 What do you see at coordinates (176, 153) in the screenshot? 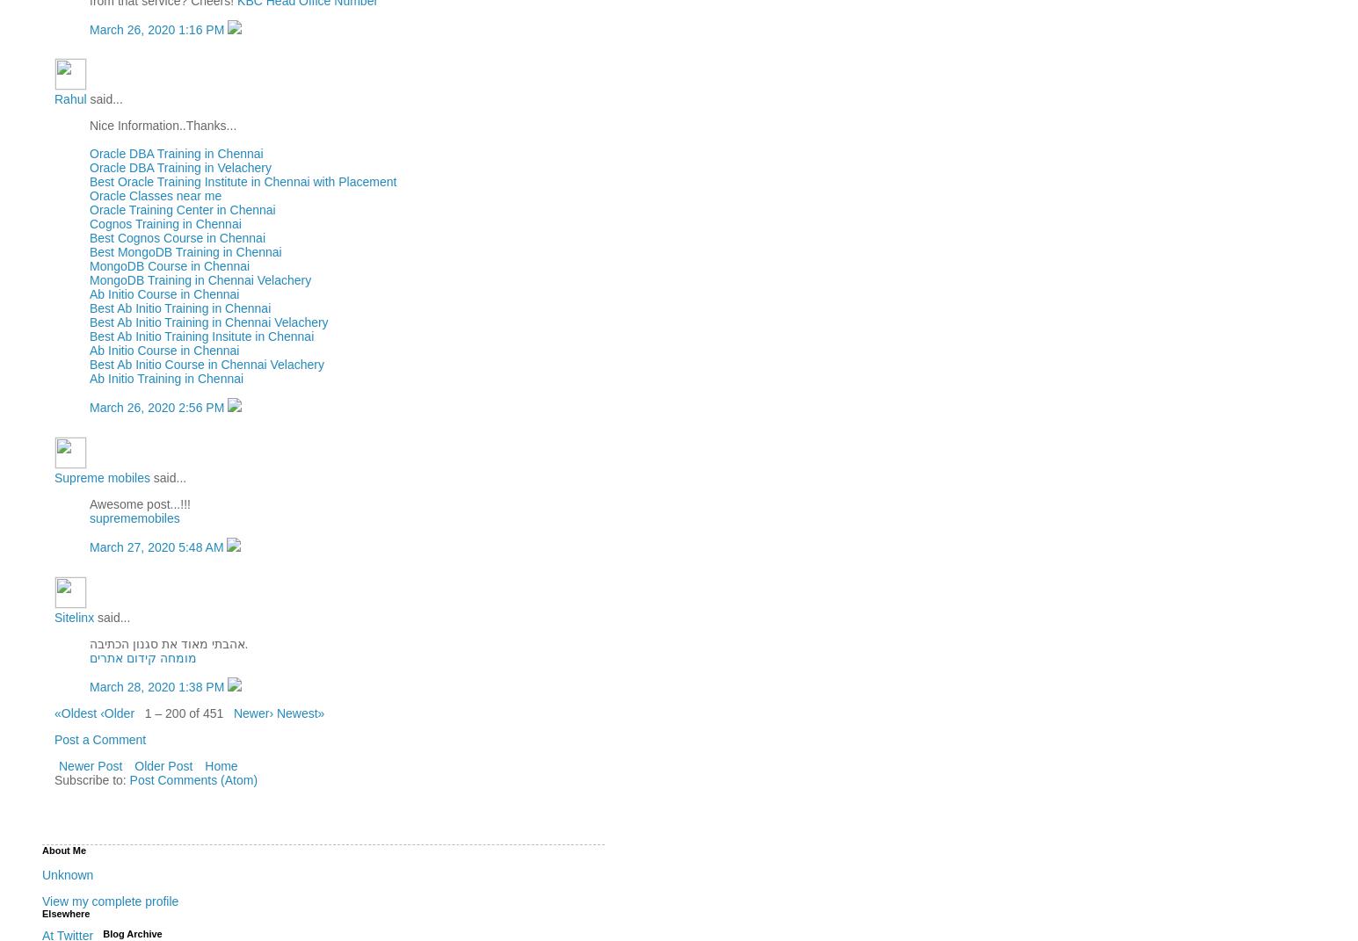
I see `'Oracle DBA Training in Chennai'` at bounding box center [176, 153].